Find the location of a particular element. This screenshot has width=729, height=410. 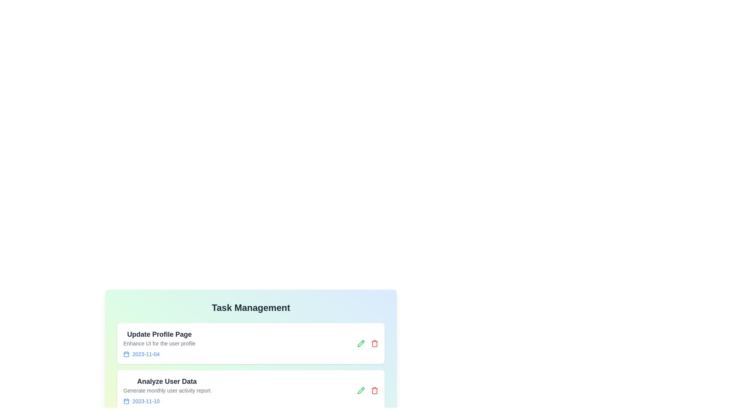

the task title to view its details is located at coordinates (158, 334).